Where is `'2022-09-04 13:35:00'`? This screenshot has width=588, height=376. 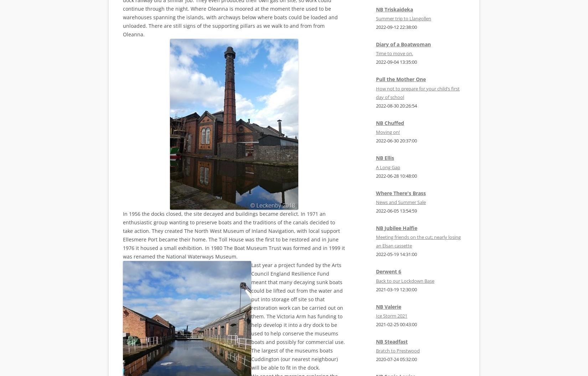 '2022-09-04 13:35:00' is located at coordinates (376, 62).